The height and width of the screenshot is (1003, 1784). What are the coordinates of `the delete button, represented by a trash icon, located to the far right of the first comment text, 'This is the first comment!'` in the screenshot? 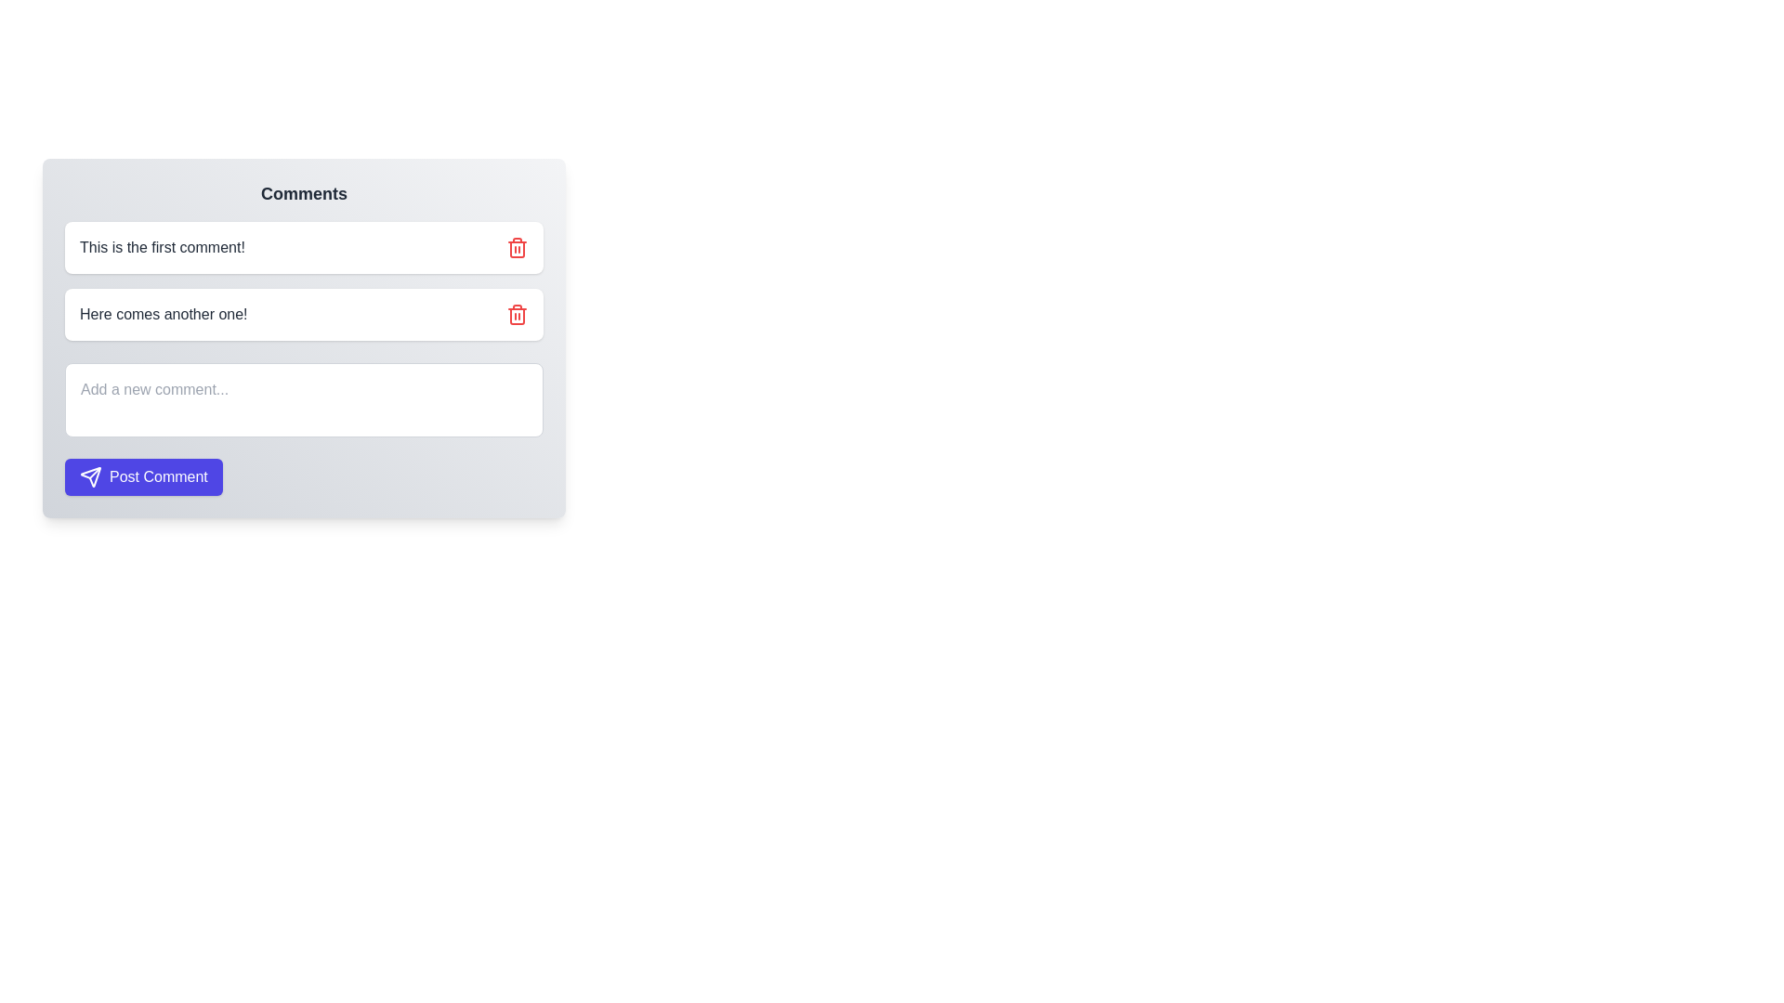 It's located at (517, 246).